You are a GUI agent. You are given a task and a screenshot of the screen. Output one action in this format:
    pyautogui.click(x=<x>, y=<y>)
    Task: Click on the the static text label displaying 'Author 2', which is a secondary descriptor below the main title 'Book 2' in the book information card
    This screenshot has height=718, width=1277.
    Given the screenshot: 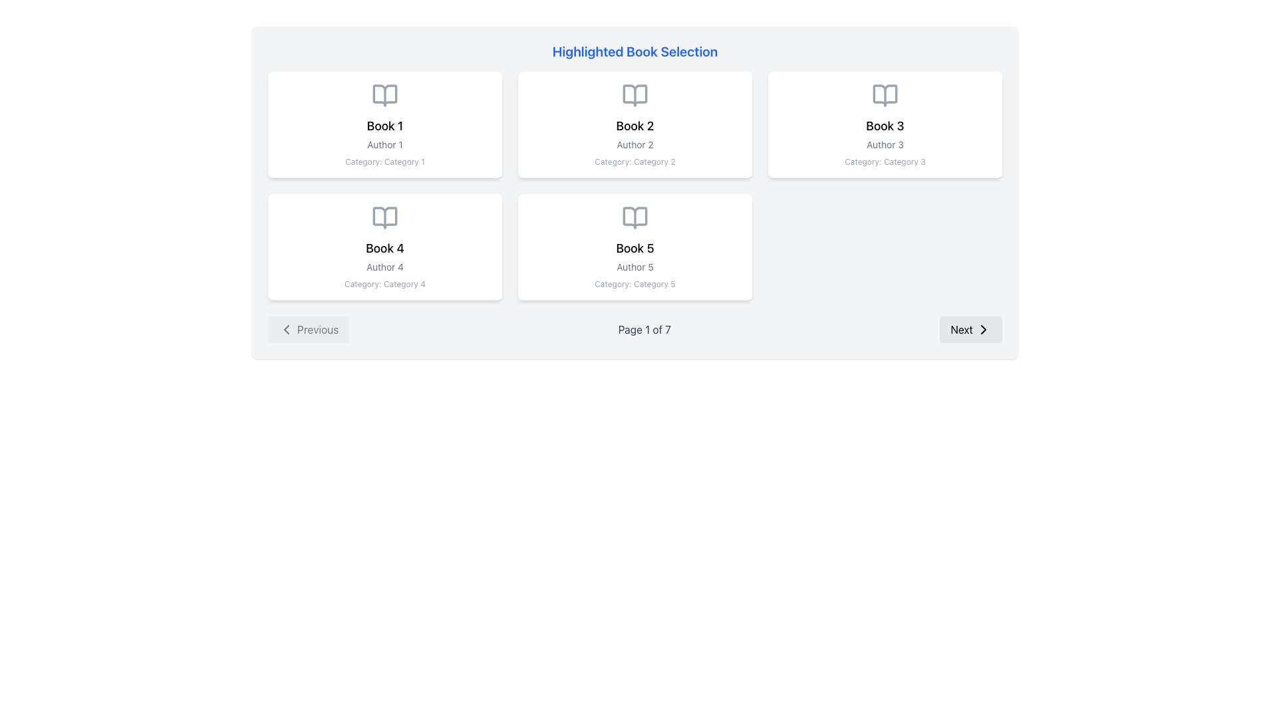 What is the action you would take?
    pyautogui.click(x=635, y=145)
    